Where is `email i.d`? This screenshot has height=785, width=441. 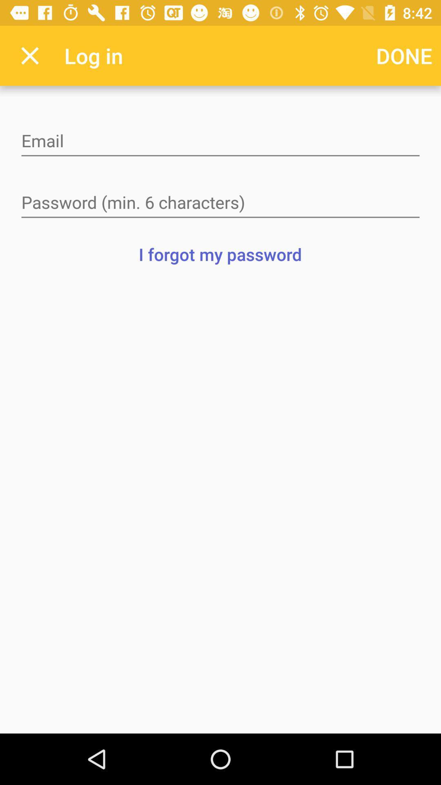
email i.d is located at coordinates (220, 141).